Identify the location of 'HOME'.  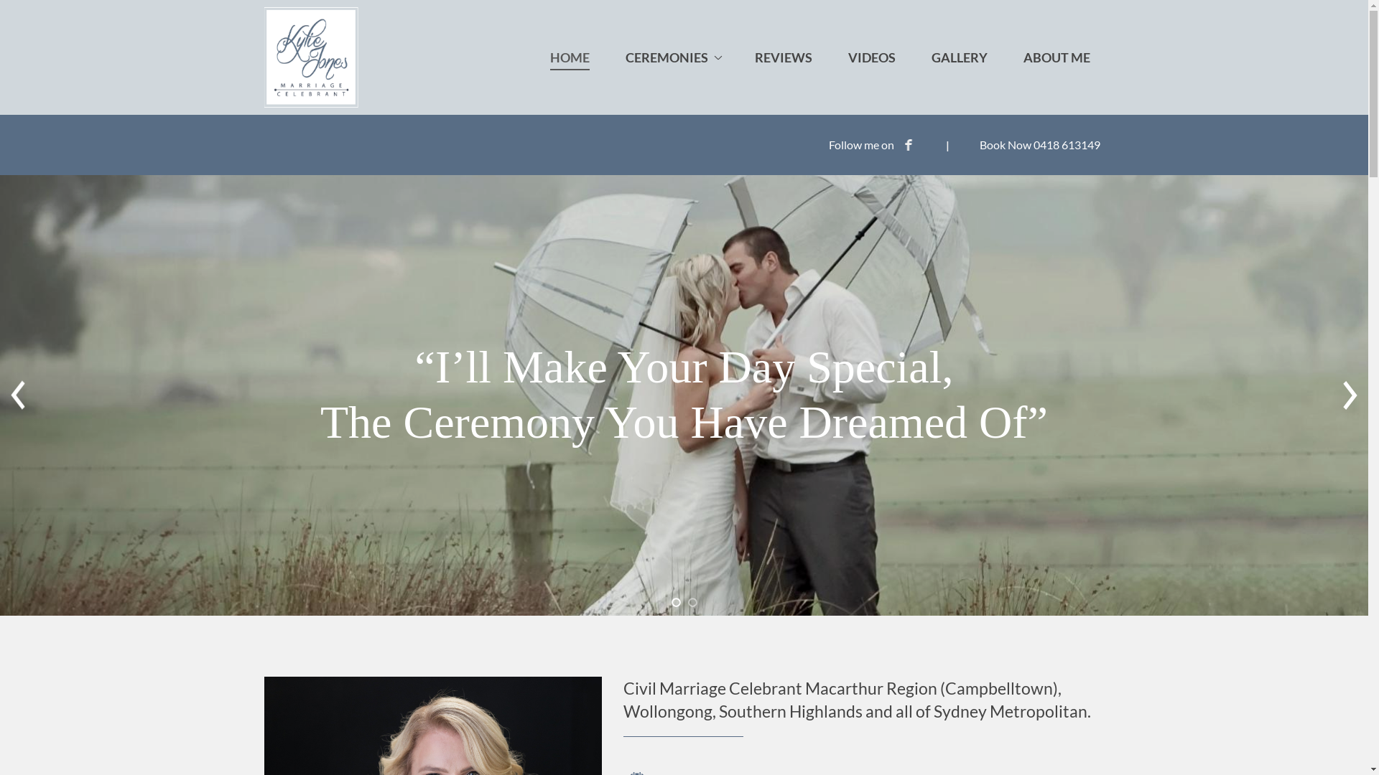
(569, 57).